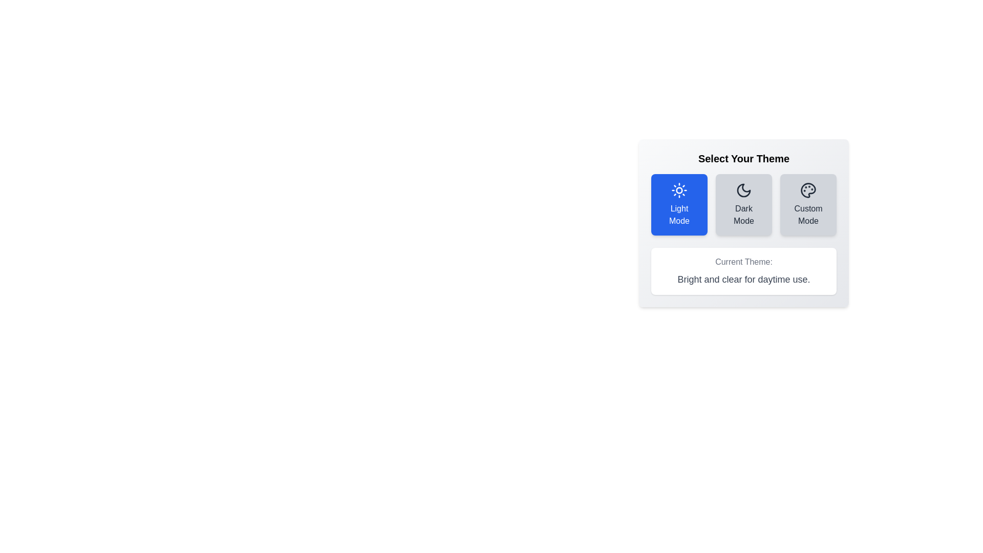 Image resolution: width=983 pixels, height=553 pixels. Describe the element at coordinates (679, 205) in the screenshot. I see `the button corresponding to the desired theme: Light Mode` at that location.